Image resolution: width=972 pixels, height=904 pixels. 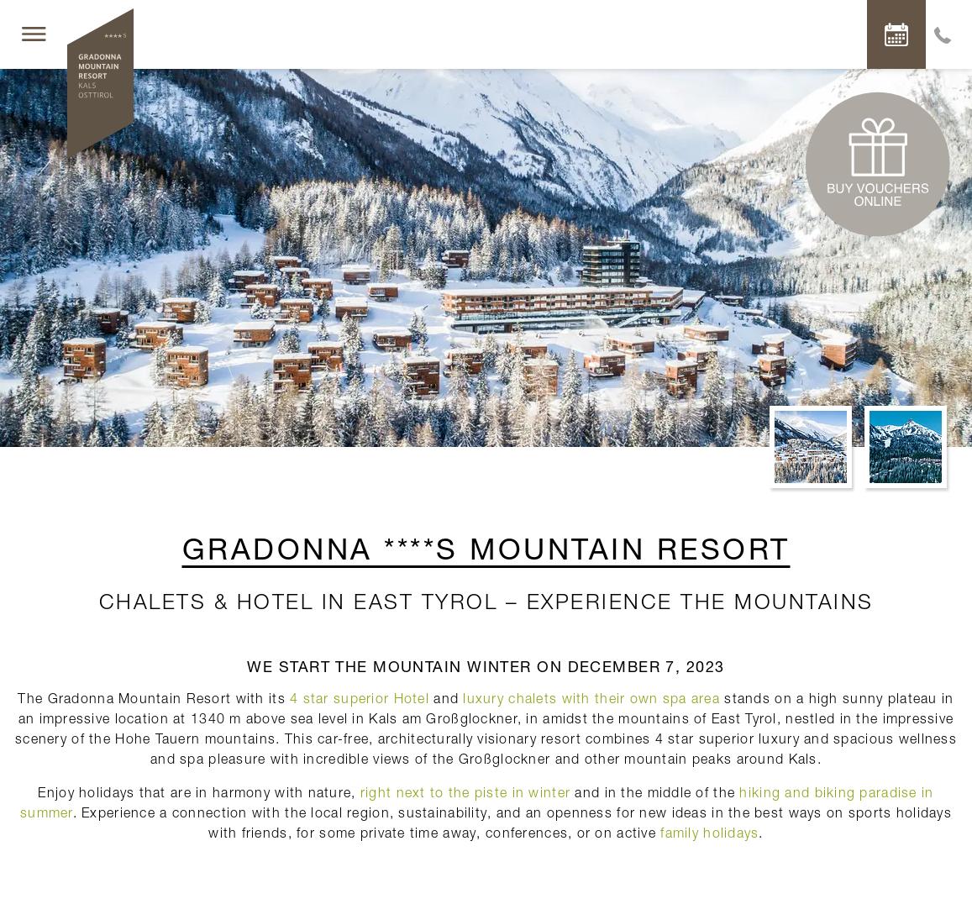 I want to click on 'Chalets & hotel in East Tyrol – Experience the mountains', so click(x=485, y=601).